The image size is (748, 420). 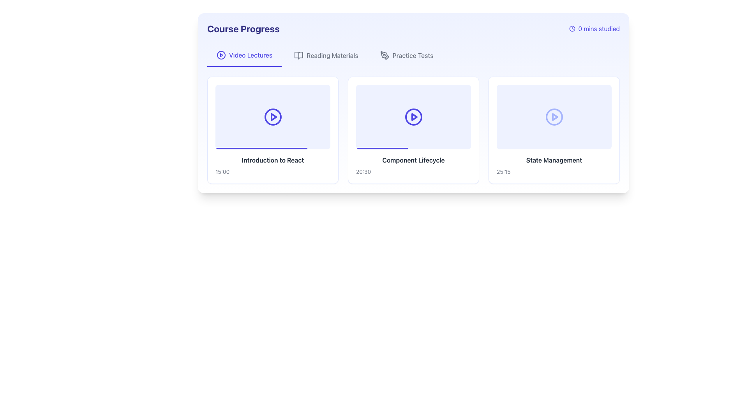 What do you see at coordinates (273, 117) in the screenshot?
I see `the circular play button icon with a hollow circle design and a triangular play arrow, located in the first card of three horizontally aligned cards` at bounding box center [273, 117].